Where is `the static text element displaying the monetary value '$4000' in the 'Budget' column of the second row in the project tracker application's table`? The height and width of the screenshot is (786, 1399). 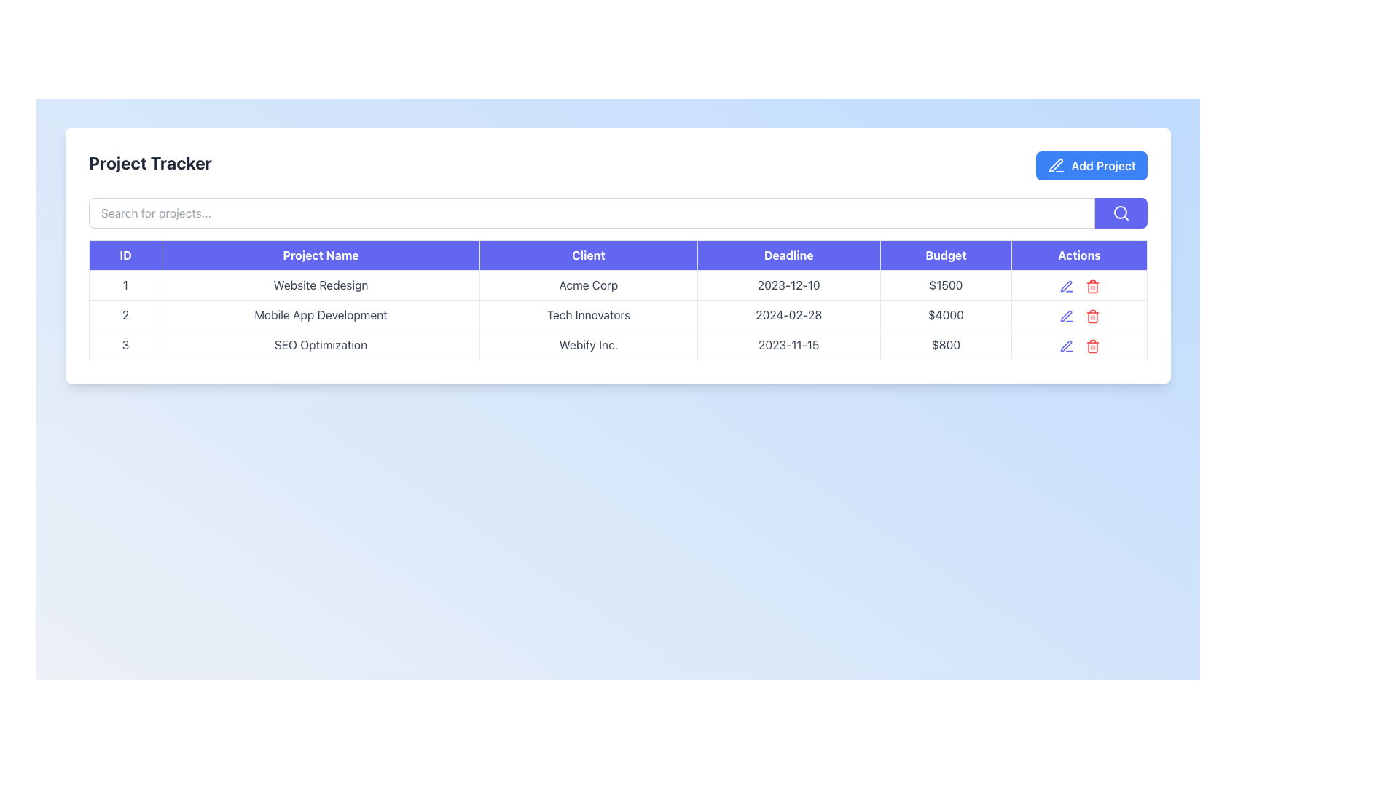
the static text element displaying the monetary value '$4000' in the 'Budget' column of the second row in the project tracker application's table is located at coordinates (946, 314).